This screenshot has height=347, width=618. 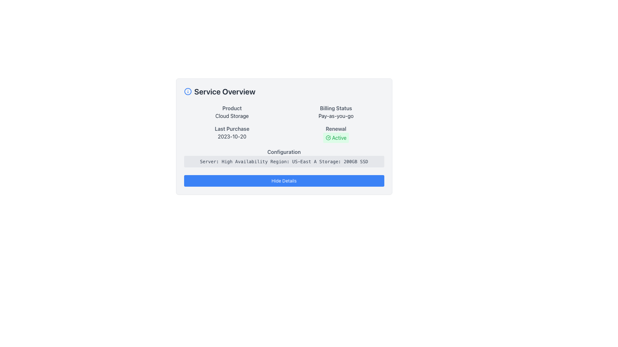 What do you see at coordinates (335, 111) in the screenshot?
I see `the static informational text element displaying 'Billing Status' and 'Pay-as-you-go' located in the top-right cell of the grid layout` at bounding box center [335, 111].